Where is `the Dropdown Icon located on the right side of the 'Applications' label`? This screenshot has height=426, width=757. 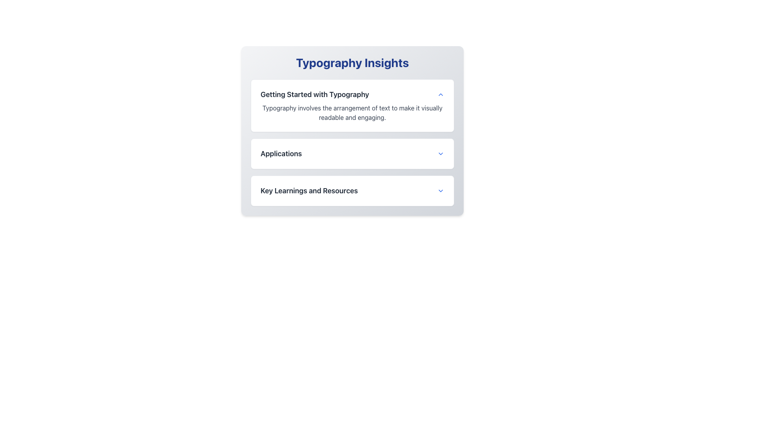 the Dropdown Icon located on the right side of the 'Applications' label is located at coordinates (440, 153).